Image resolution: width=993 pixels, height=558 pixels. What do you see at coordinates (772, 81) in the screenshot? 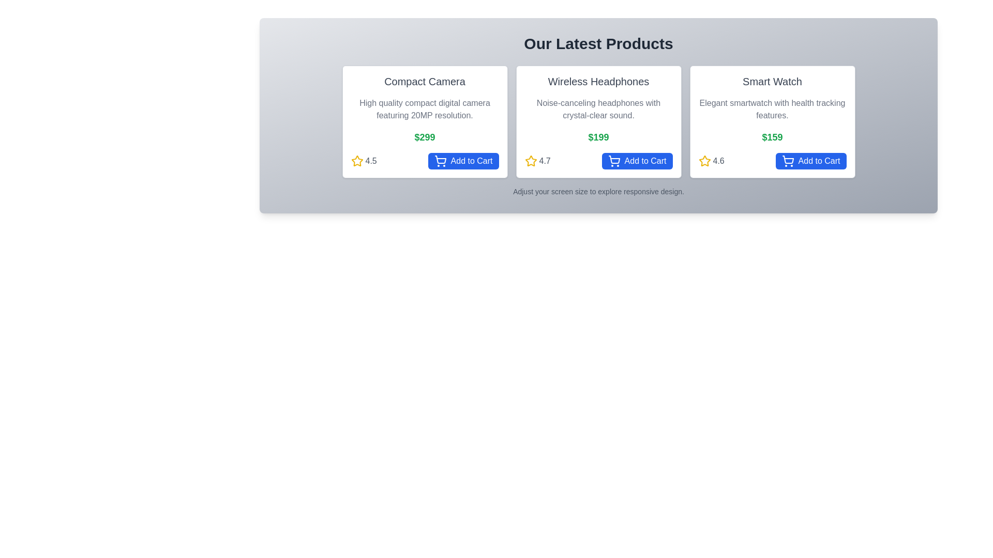
I see `the text label 'Smart Watch' which is prominently displayed in a larger font at the top of the rightmost card, just above the description text for the smartwatch` at bounding box center [772, 81].